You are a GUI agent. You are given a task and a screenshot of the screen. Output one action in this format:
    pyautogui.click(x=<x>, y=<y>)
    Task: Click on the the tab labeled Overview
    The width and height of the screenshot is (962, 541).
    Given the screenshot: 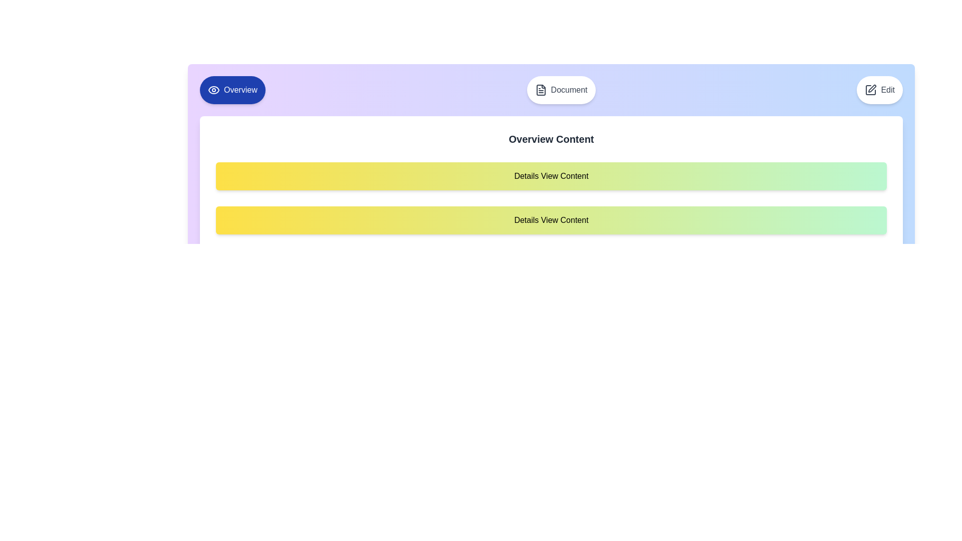 What is the action you would take?
    pyautogui.click(x=232, y=90)
    